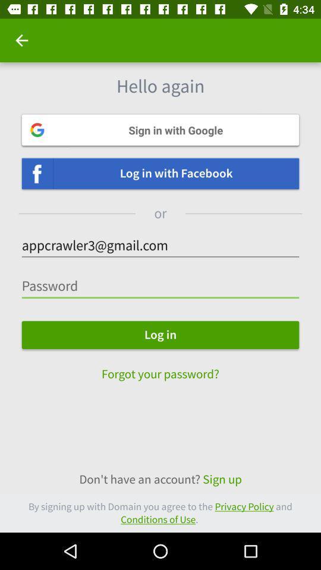 This screenshot has height=570, width=321. I want to click on forgot your password?, so click(160, 368).